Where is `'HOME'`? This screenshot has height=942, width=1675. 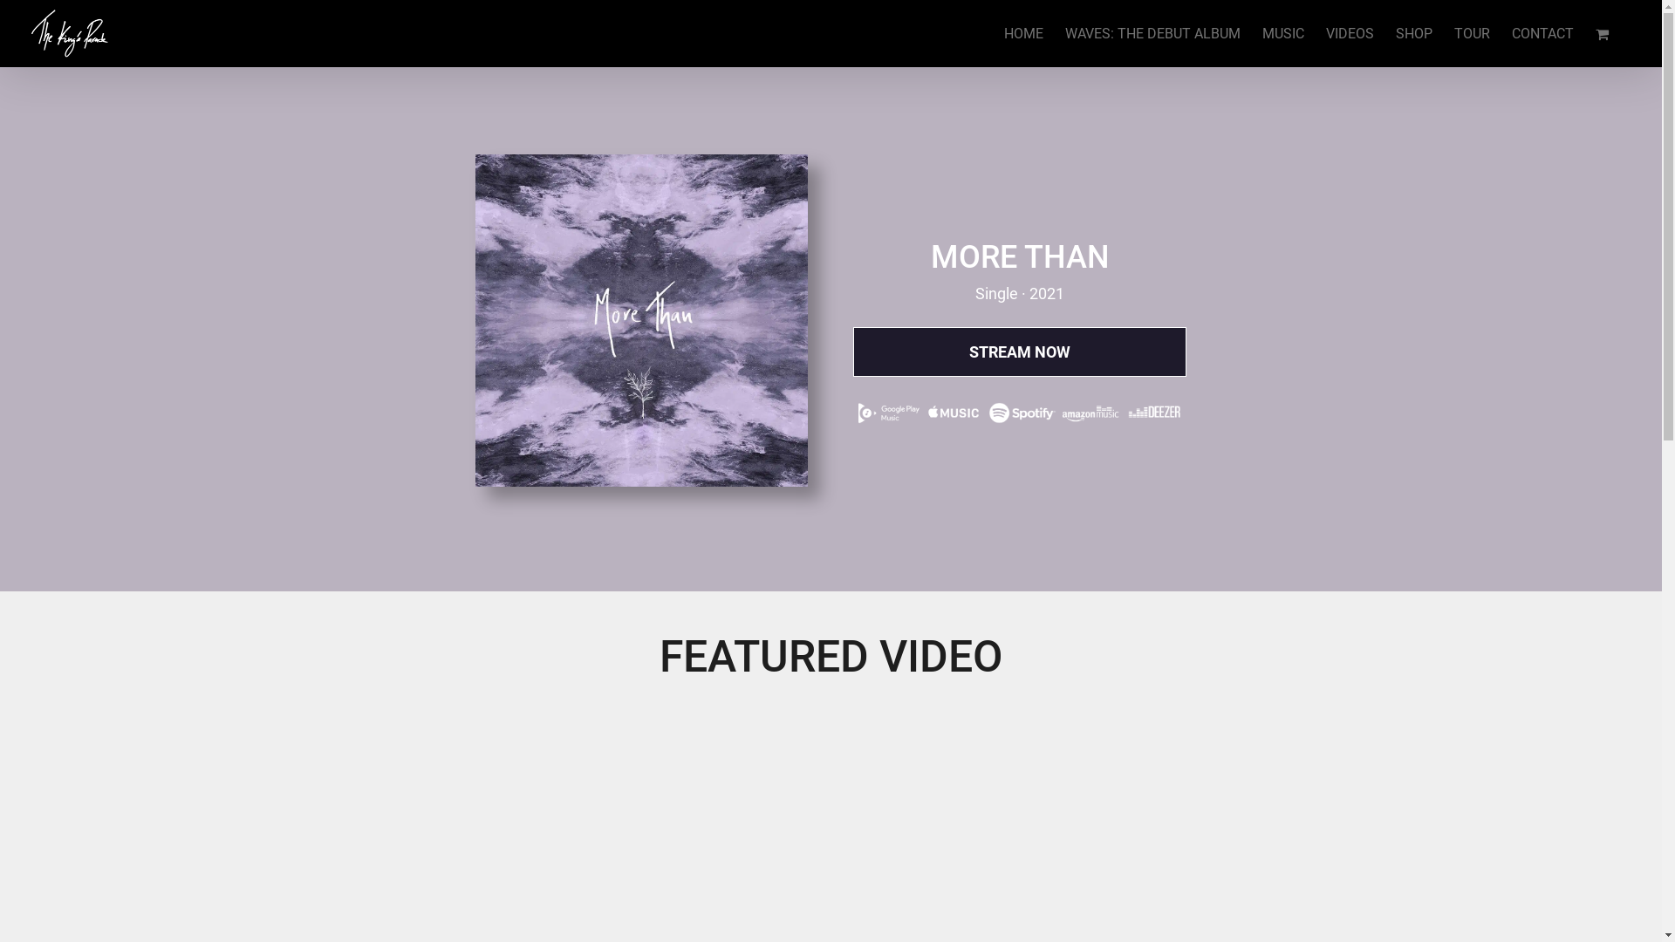 'HOME' is located at coordinates (1023, 33).